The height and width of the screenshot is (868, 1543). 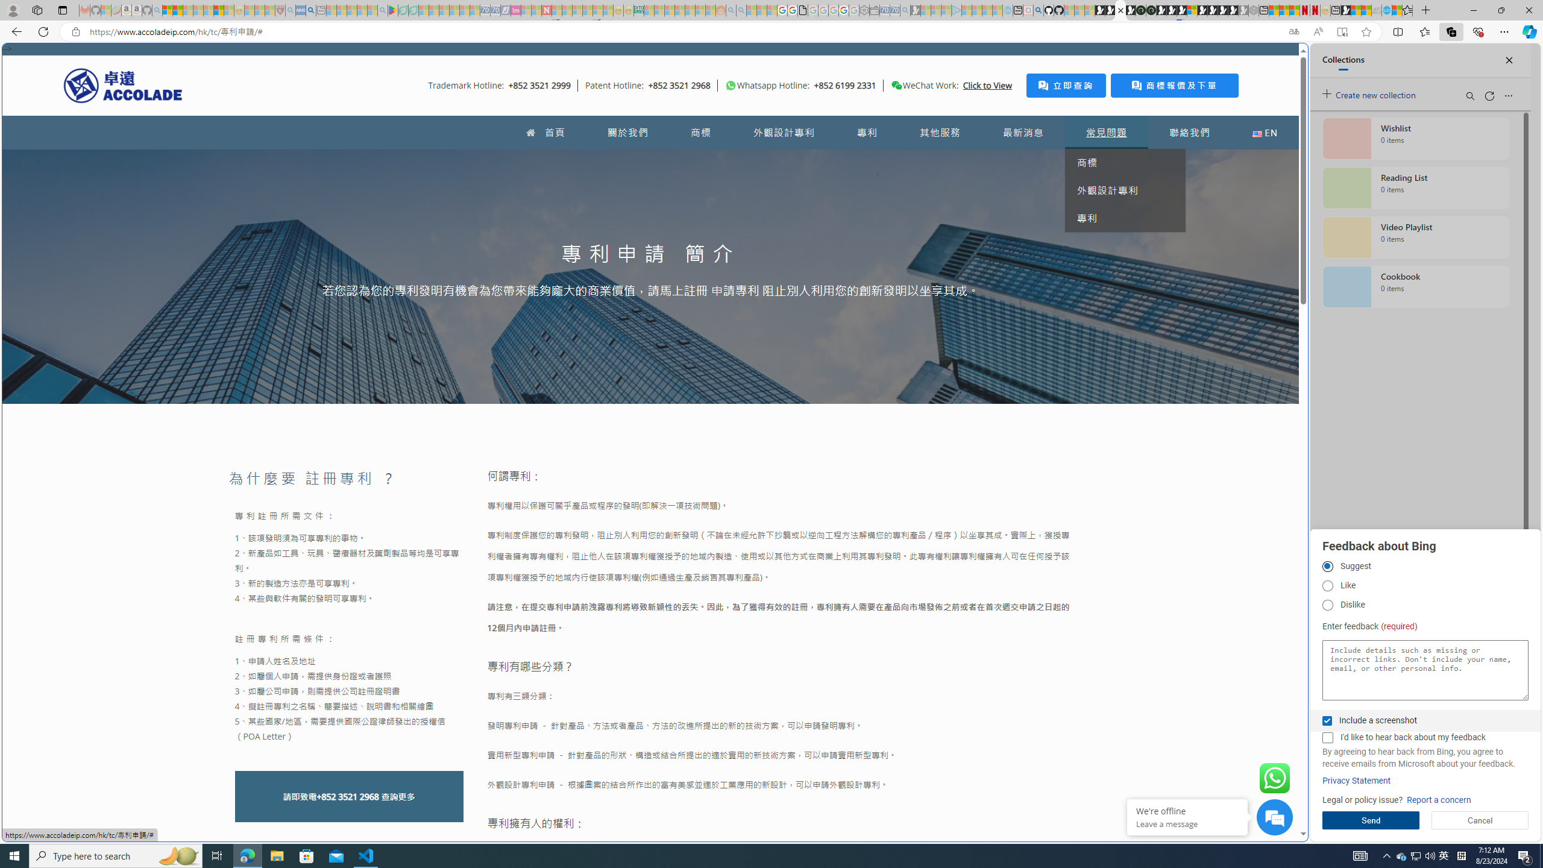 I want to click on 'MSN', so click(x=1346, y=10).